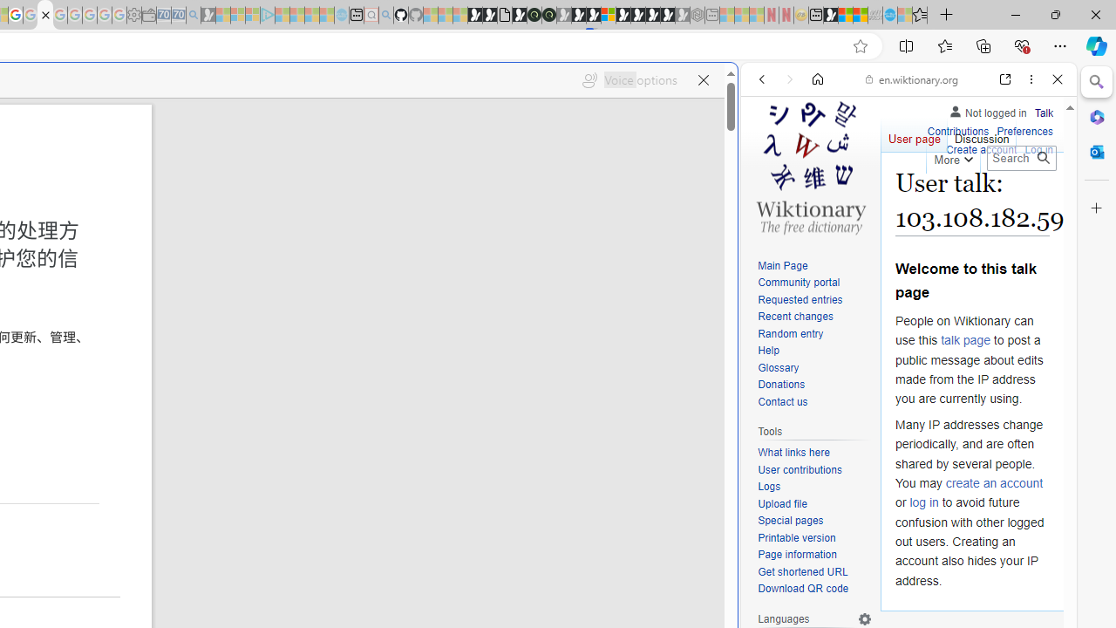 The image size is (1116, 628). Describe the element at coordinates (814, 334) in the screenshot. I see `'Random entry'` at that location.